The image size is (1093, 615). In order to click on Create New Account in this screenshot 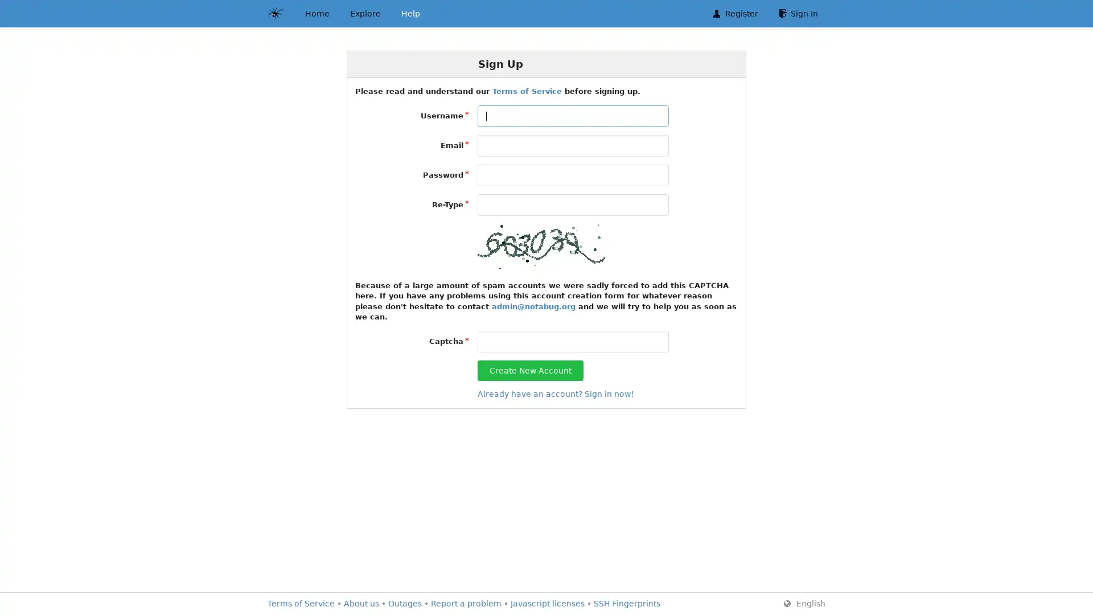, I will do `click(529, 371)`.